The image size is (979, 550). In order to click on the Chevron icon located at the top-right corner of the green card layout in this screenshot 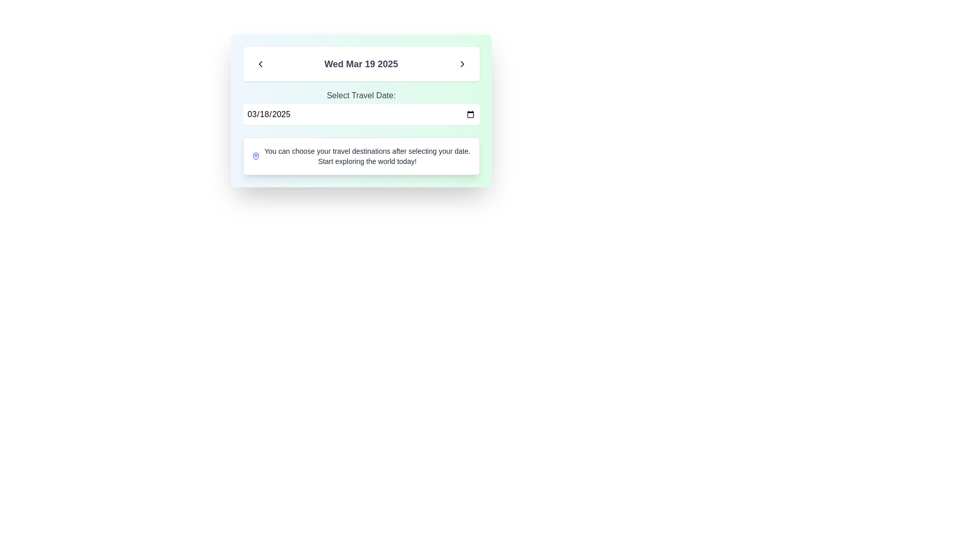, I will do `click(461, 64)`.